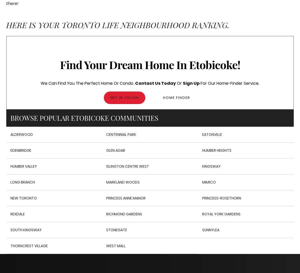  Describe the element at coordinates (126, 198) in the screenshot. I see `'Princess Anne Manor'` at that location.